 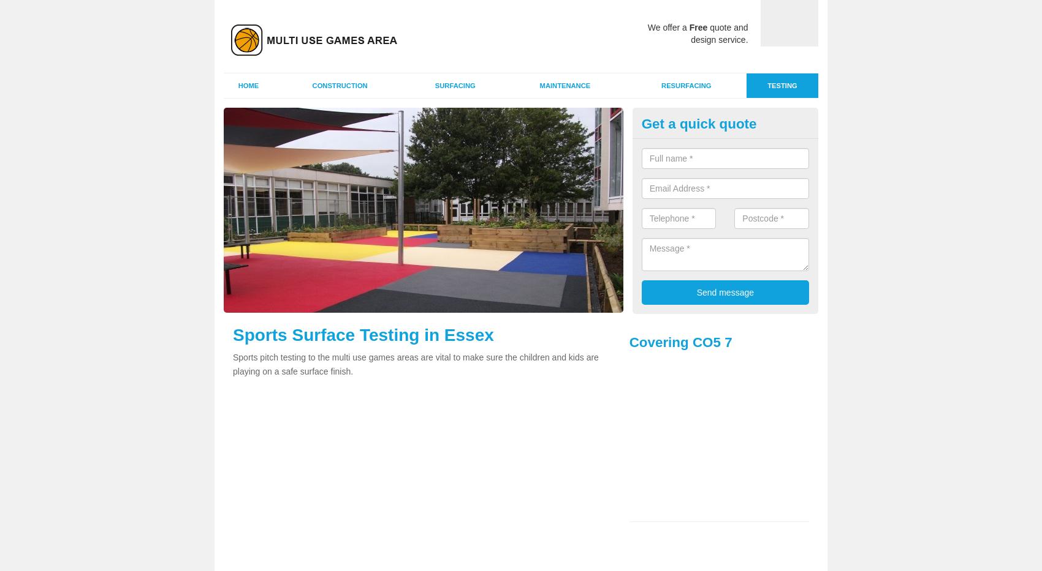 What do you see at coordinates (668, 26) in the screenshot?
I see `'We offer a'` at bounding box center [668, 26].